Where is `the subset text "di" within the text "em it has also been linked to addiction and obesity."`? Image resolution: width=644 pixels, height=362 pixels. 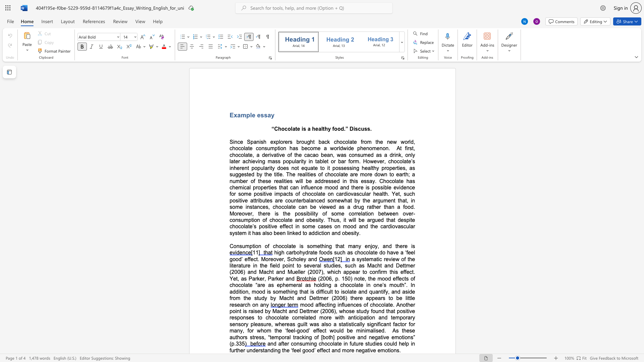
the subset text "di" within the text "em it has also been linked to addiction and obesity." is located at coordinates (314, 233).